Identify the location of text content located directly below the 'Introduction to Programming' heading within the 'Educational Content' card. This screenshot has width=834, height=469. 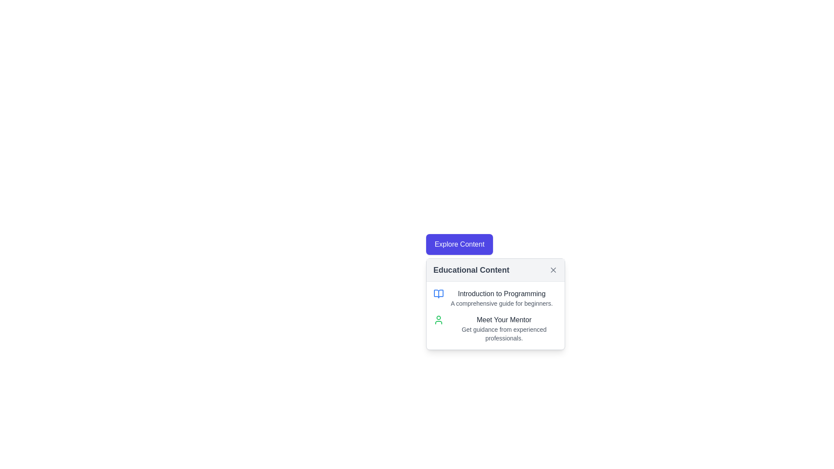
(502, 303).